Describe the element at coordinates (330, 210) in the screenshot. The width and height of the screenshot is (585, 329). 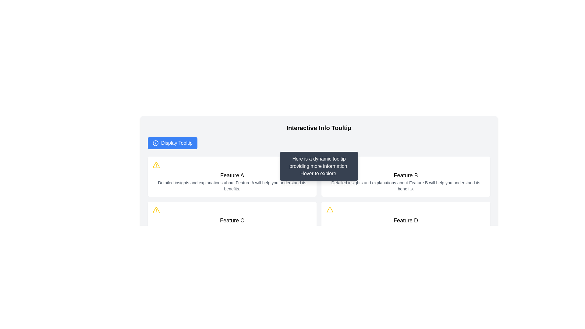
I see `the warning icon located in the 'Feature D' section, positioned at the top-left corner above the text description` at that location.